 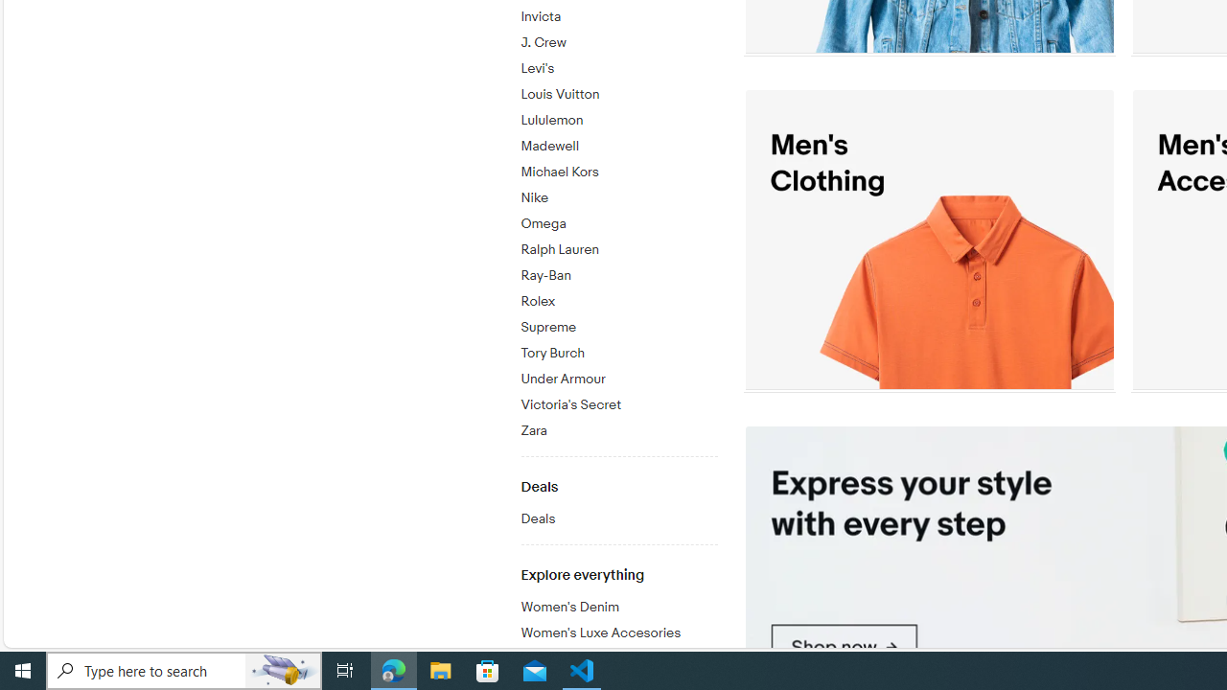 What do you see at coordinates (618, 64) in the screenshot?
I see `'Levi'` at bounding box center [618, 64].